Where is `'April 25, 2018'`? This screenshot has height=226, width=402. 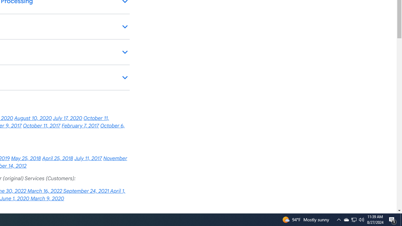 'April 25, 2018' is located at coordinates (57, 158).